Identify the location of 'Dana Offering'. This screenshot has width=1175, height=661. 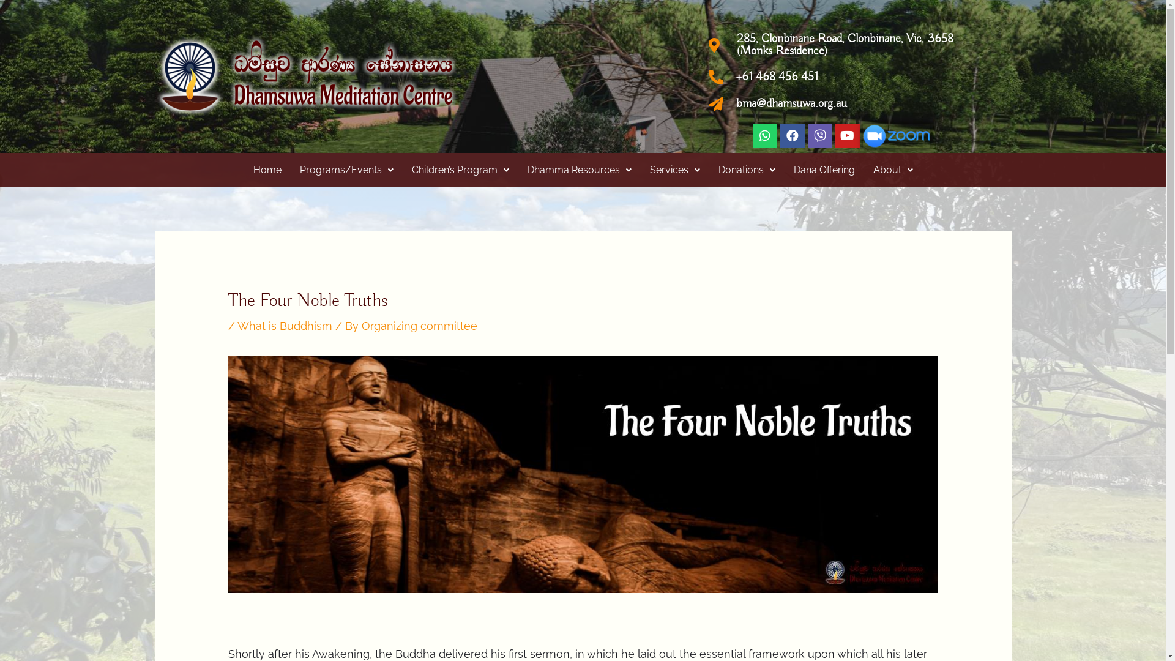
(824, 170).